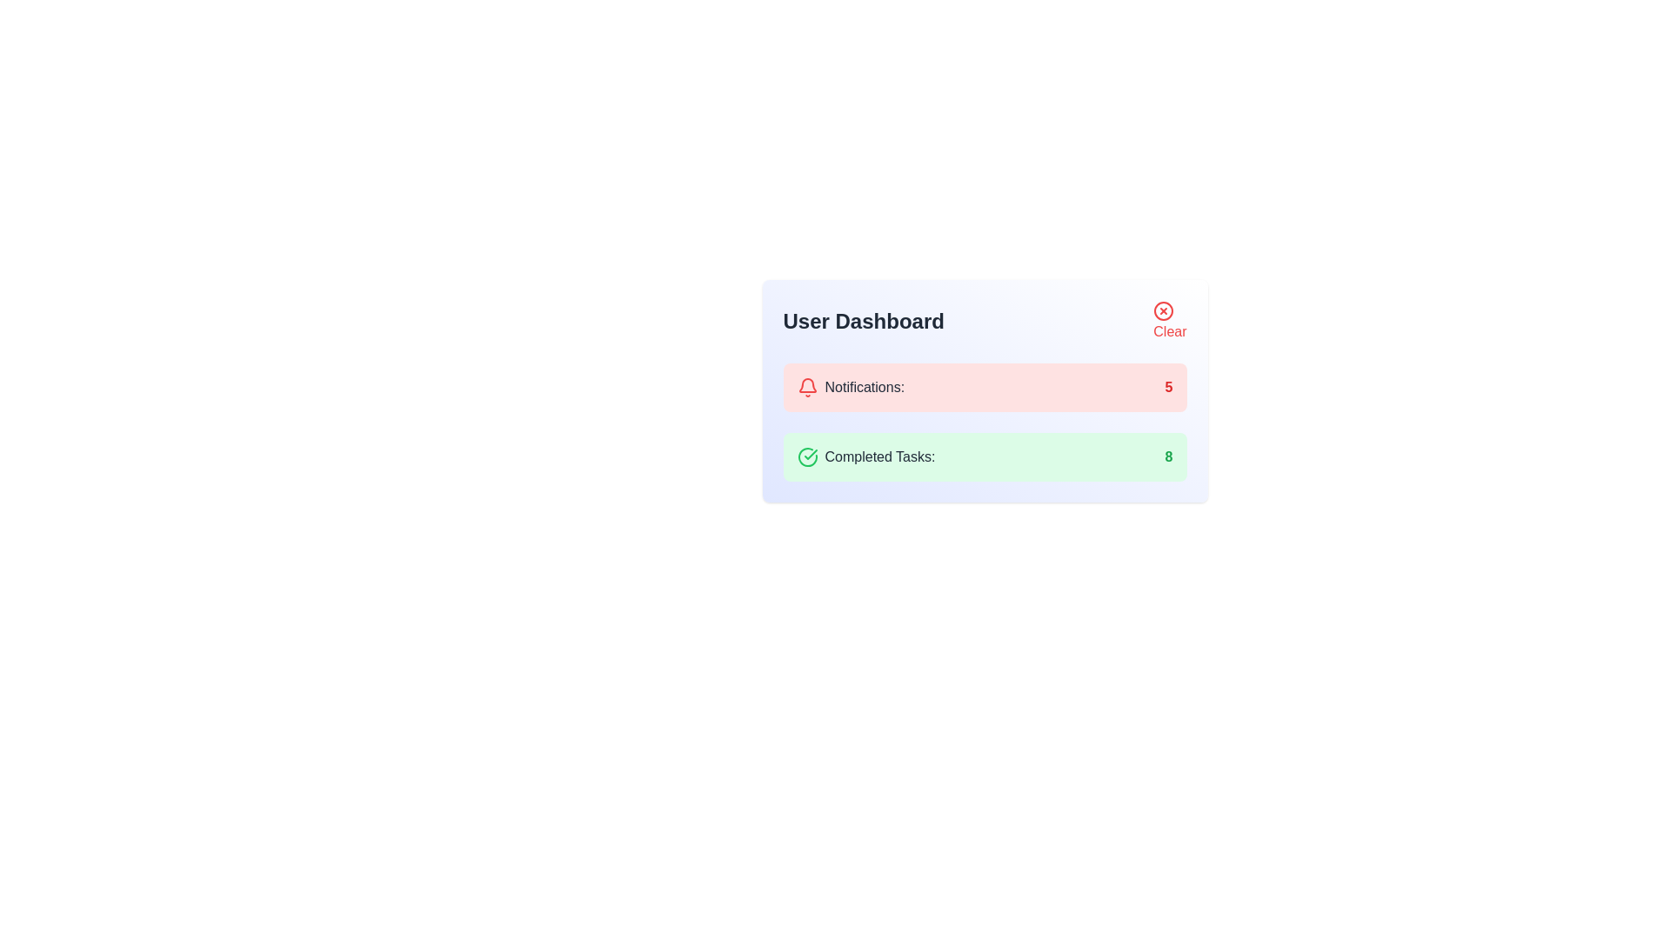 The width and height of the screenshot is (1670, 939). Describe the element at coordinates (806, 456) in the screenshot. I see `the circular icon with a green checkmark that indicates successful completion, located to the left of the 'Completed Tasks:' label` at that location.